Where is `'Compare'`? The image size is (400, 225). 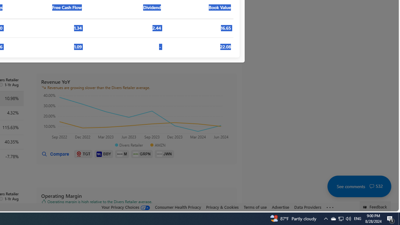
'Compare' is located at coordinates (55, 154).